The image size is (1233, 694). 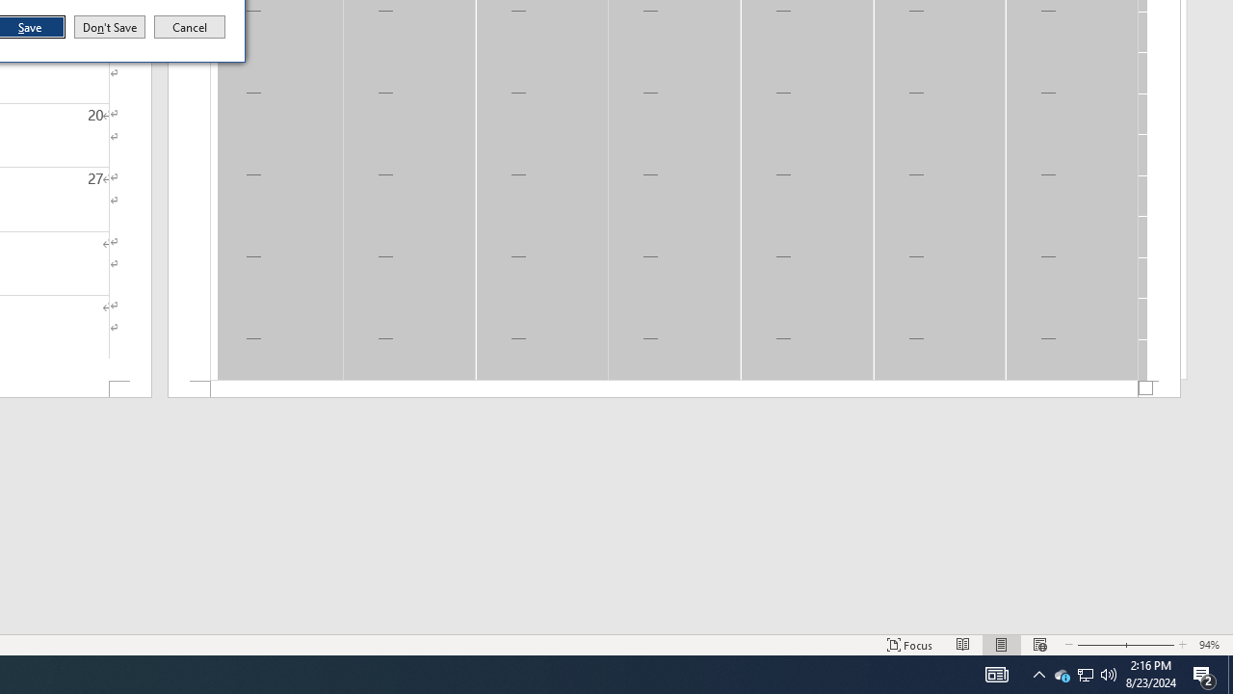 What do you see at coordinates (1109, 673) in the screenshot?
I see `'Q2790: 100%'` at bounding box center [1109, 673].